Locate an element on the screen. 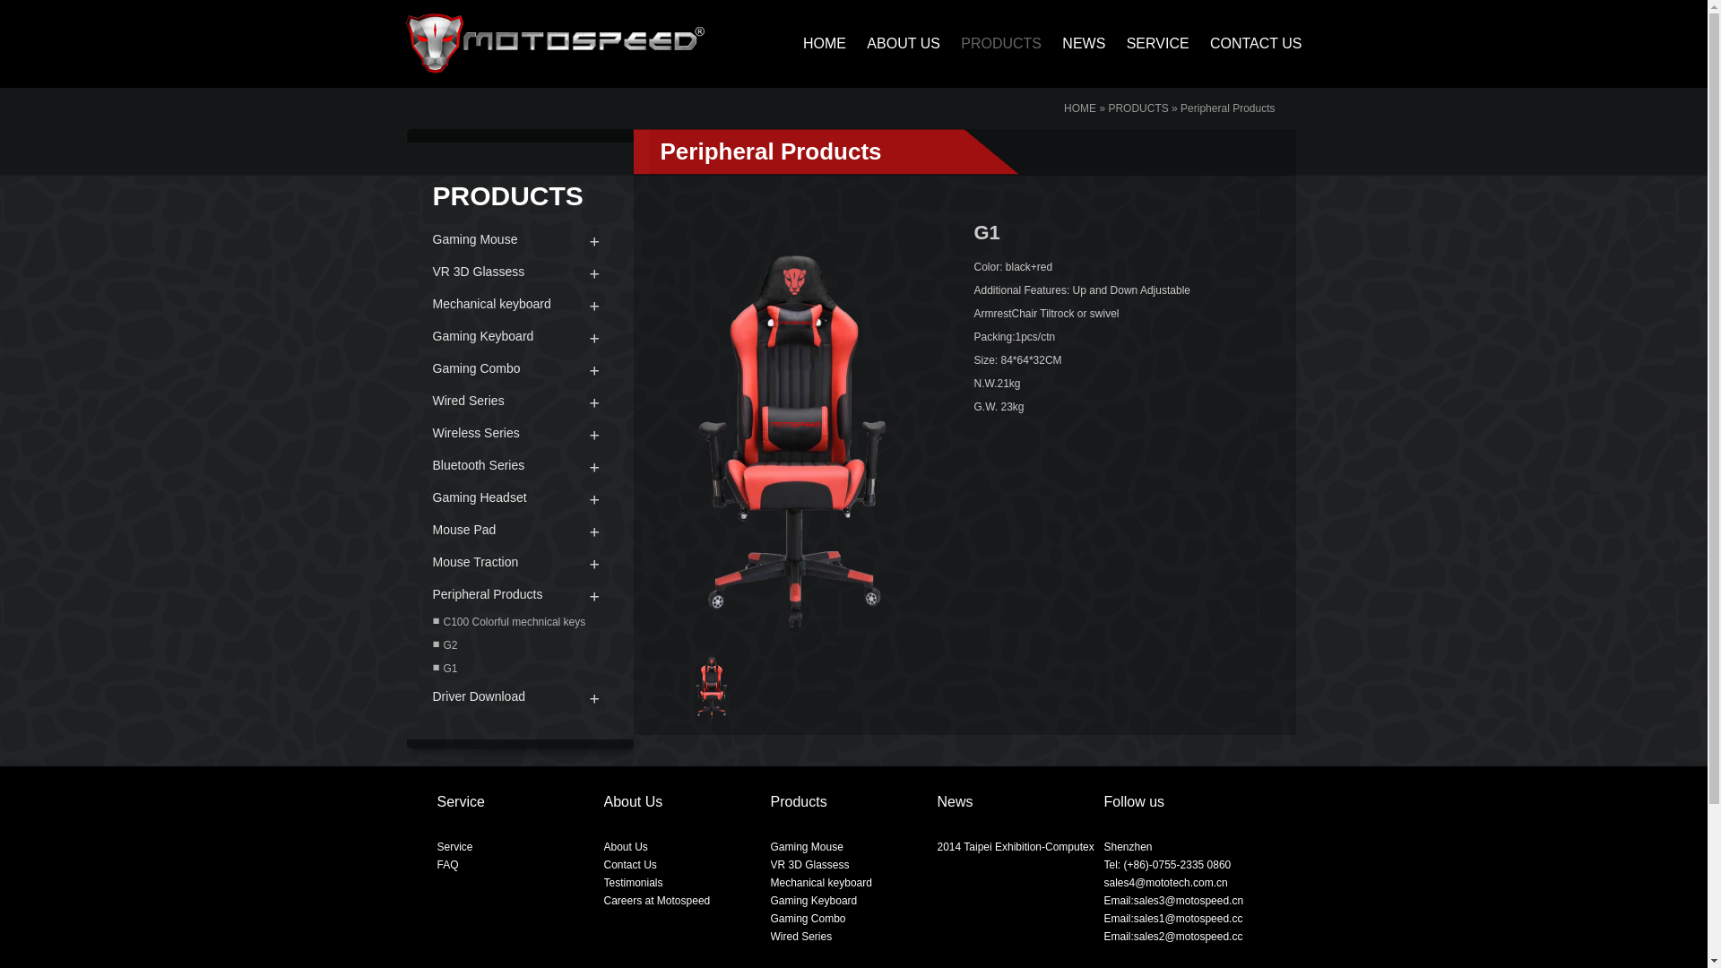 The image size is (1721, 968). 'VR 3D Glassess' is located at coordinates (518, 272).